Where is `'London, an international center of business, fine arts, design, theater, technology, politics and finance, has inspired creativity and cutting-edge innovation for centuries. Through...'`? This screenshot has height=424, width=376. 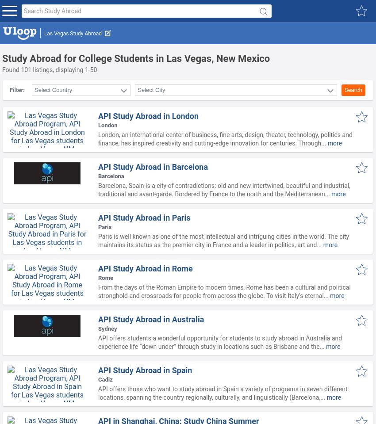
'London, an international center of business, fine arts, design, theater, technology, politics and finance, has inspired creativity and cutting-edge innovation for centuries. Through...' is located at coordinates (225, 138).